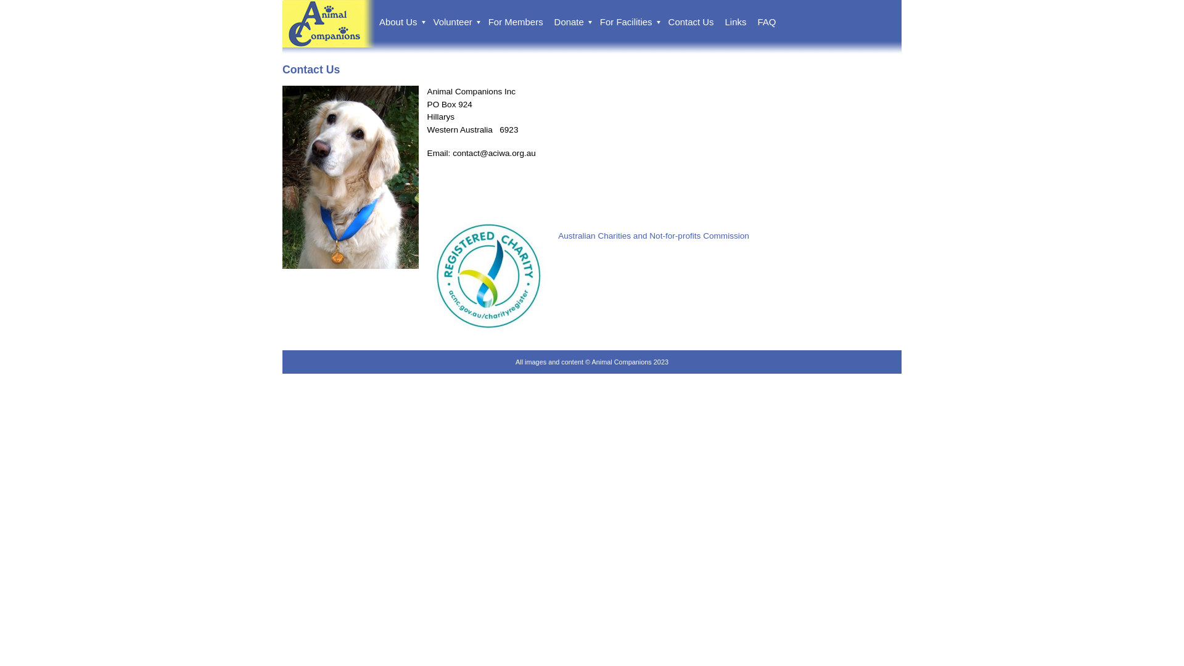  What do you see at coordinates (517, 22) in the screenshot?
I see `'For Members'` at bounding box center [517, 22].